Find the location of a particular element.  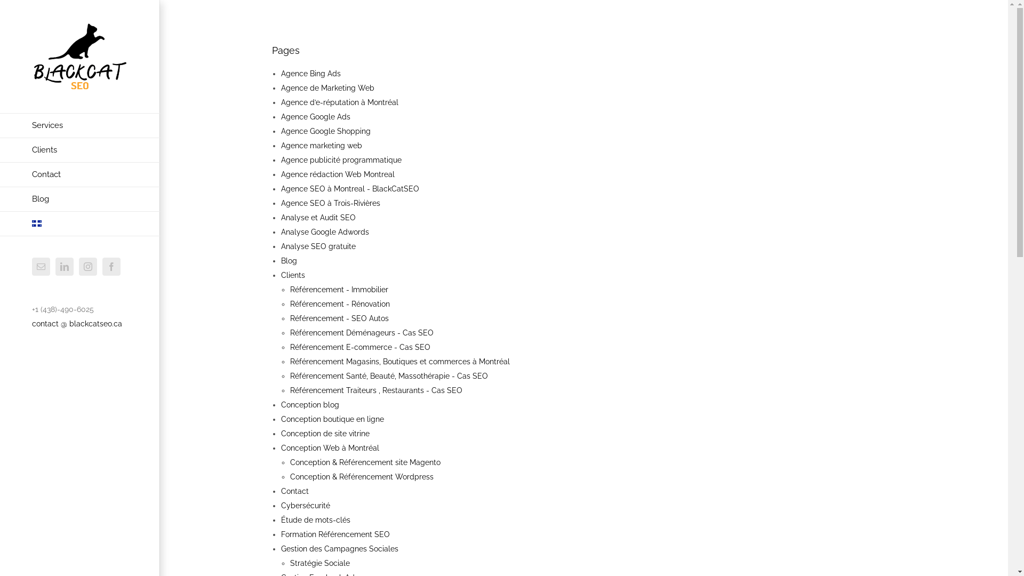

'Analyse Google Adwords' is located at coordinates (324, 231).